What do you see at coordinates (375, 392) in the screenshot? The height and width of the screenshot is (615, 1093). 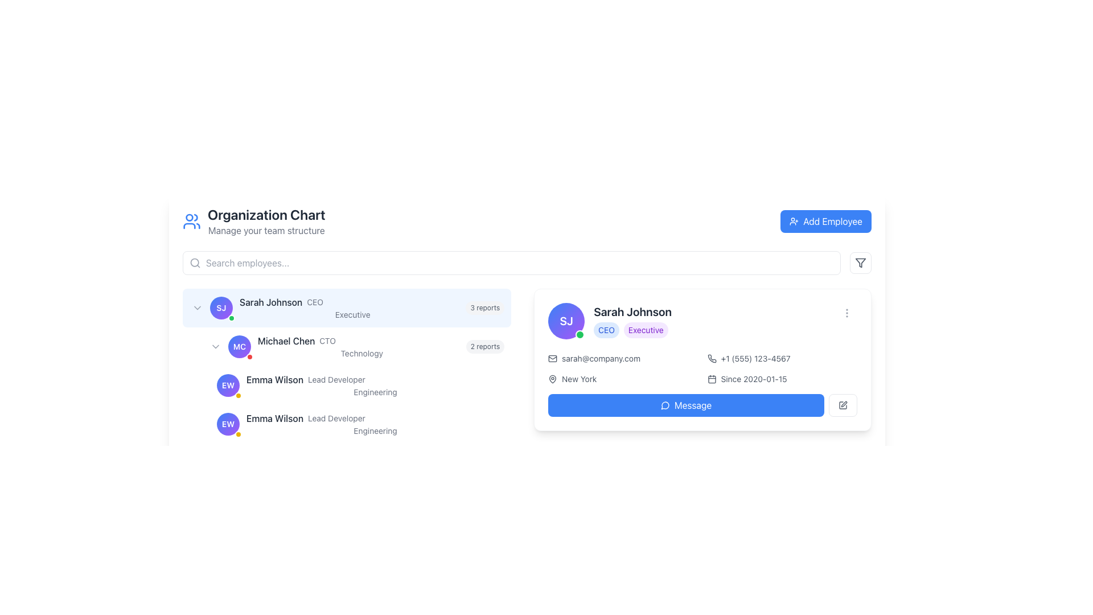 I see `the 'Engineering' text label located below the title 'Lead Developer' in the left panel of the organization chart` at bounding box center [375, 392].